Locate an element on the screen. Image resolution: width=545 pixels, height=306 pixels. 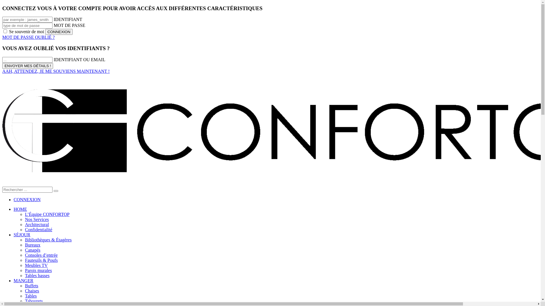
'Parois murales' is located at coordinates (38, 270).